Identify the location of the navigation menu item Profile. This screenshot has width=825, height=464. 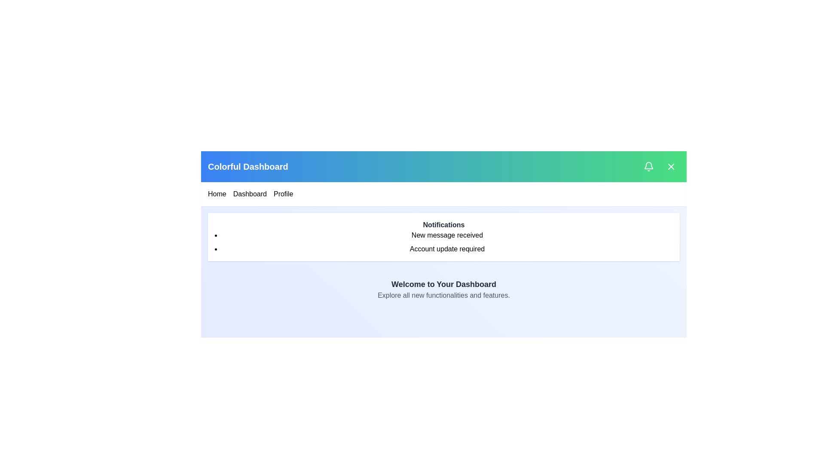
(283, 194).